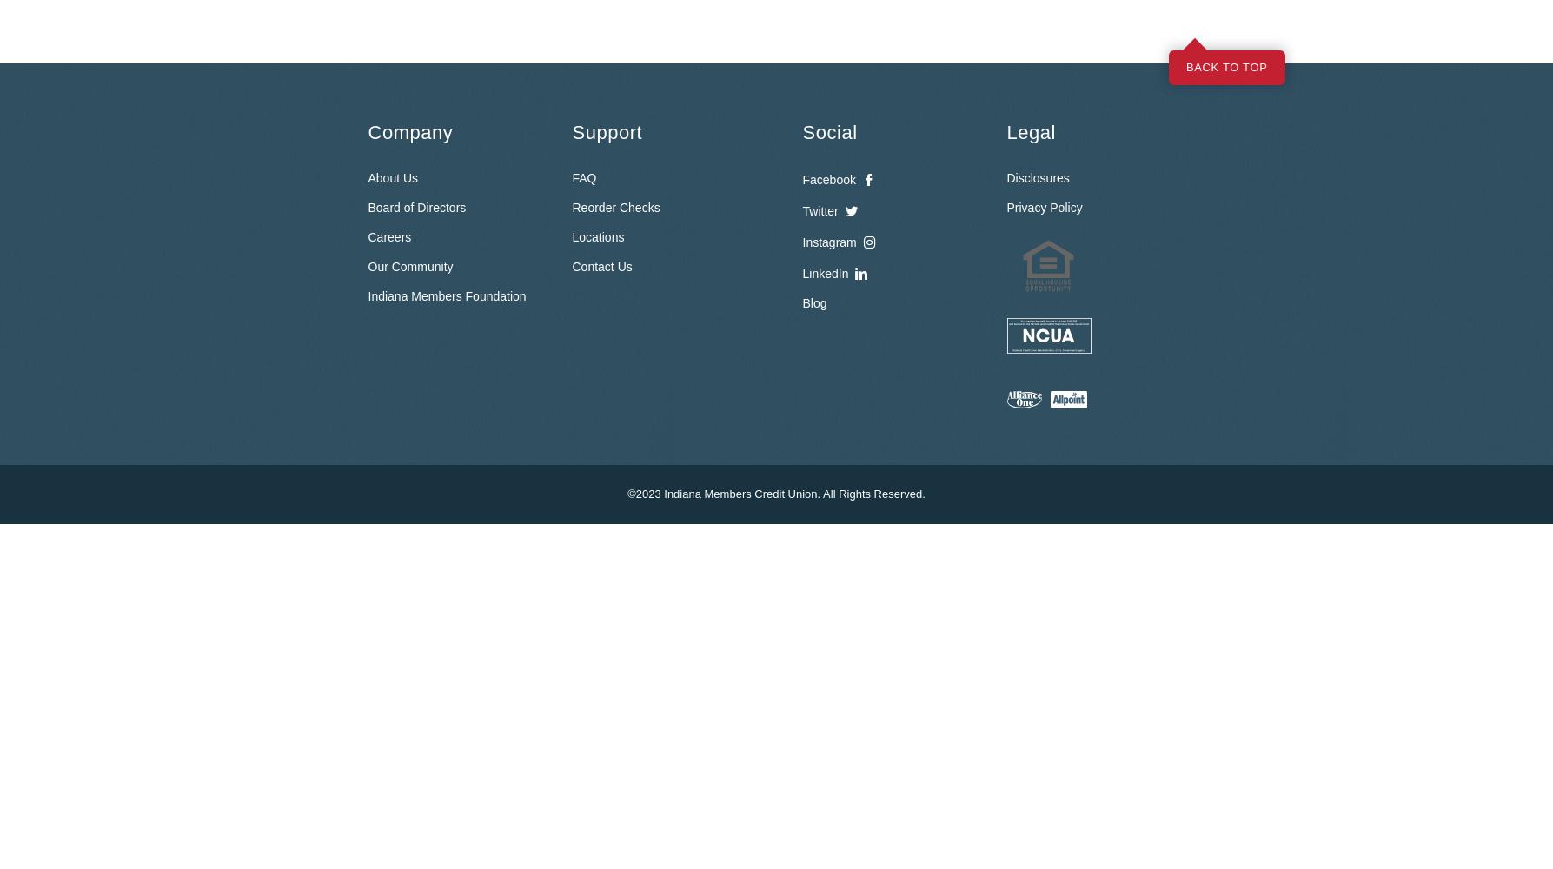  I want to click on 'Disclosures', so click(1038, 177).